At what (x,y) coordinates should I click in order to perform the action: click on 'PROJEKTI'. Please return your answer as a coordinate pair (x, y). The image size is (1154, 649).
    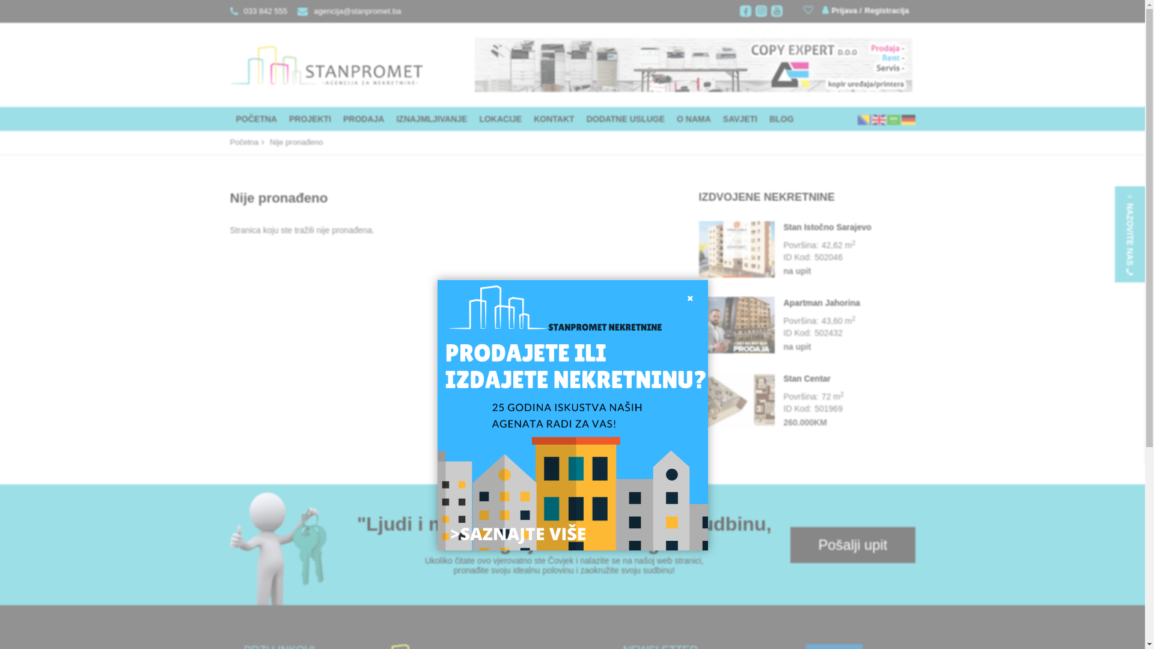
    Looking at the image, I should click on (310, 118).